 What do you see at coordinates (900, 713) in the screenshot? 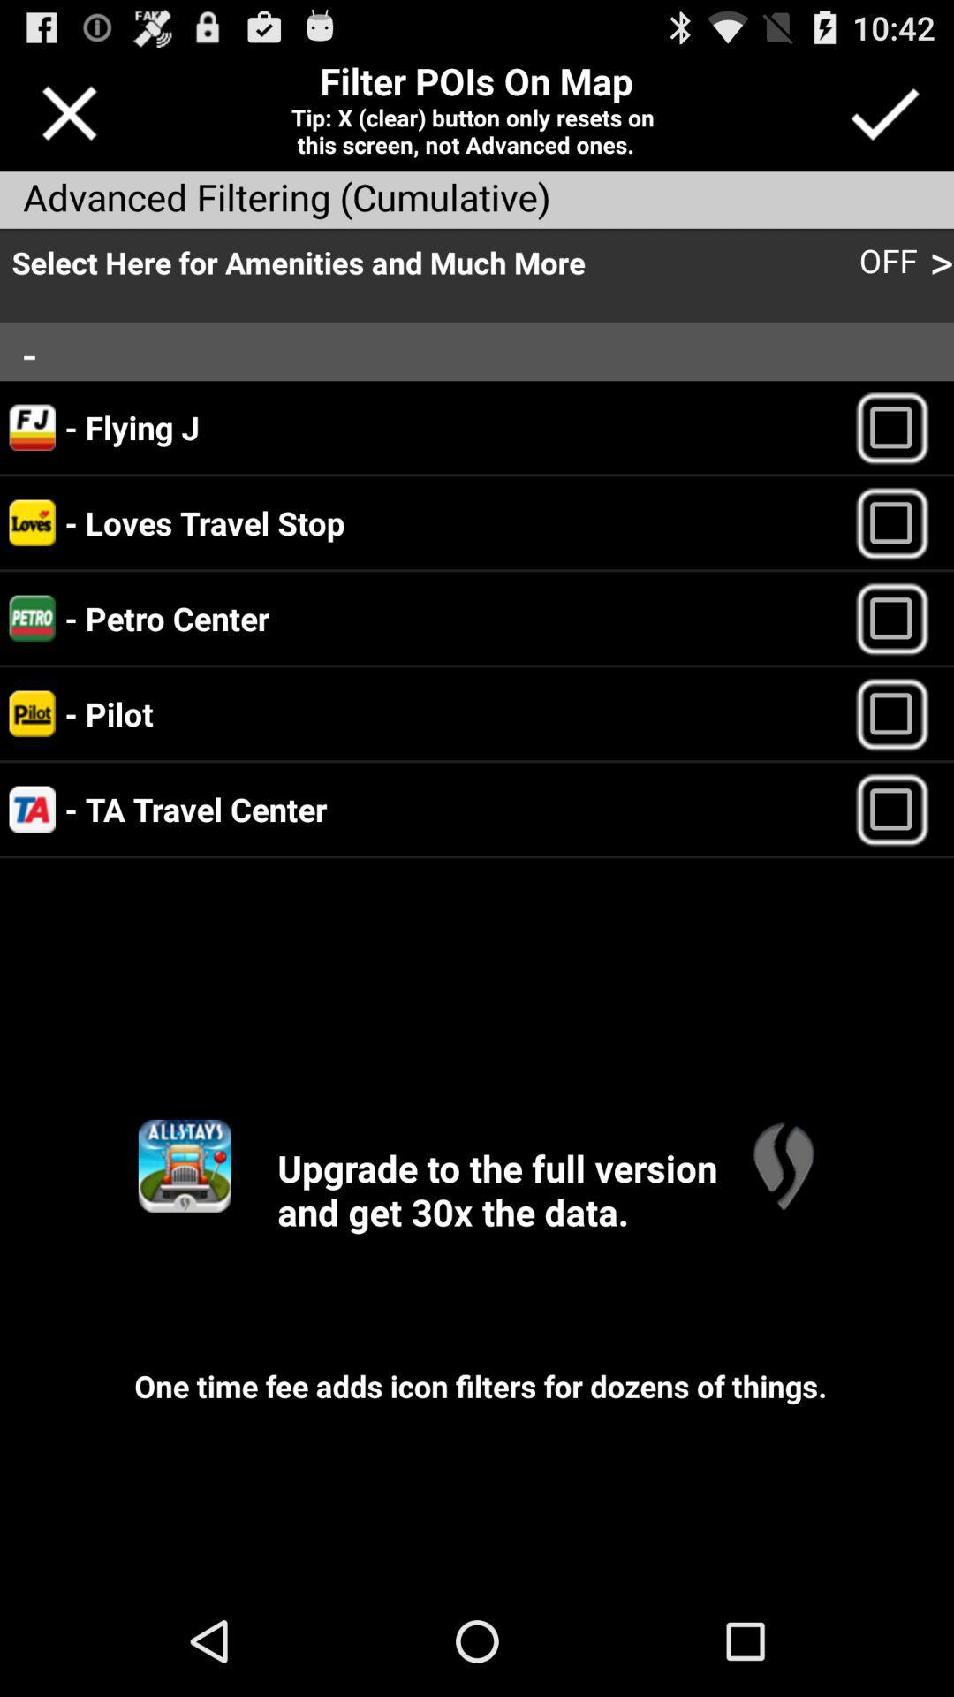
I see `the pilot option` at bounding box center [900, 713].